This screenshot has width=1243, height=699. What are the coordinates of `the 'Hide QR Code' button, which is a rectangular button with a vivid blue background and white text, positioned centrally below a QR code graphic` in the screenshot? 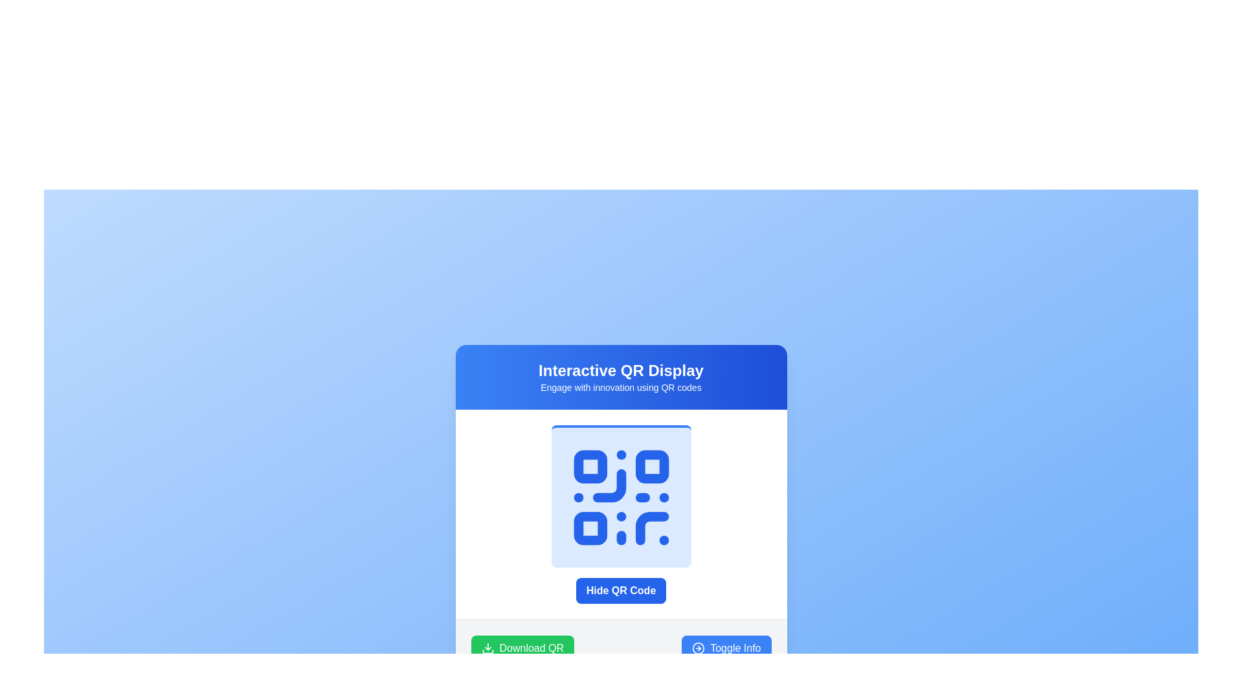 It's located at (620, 590).